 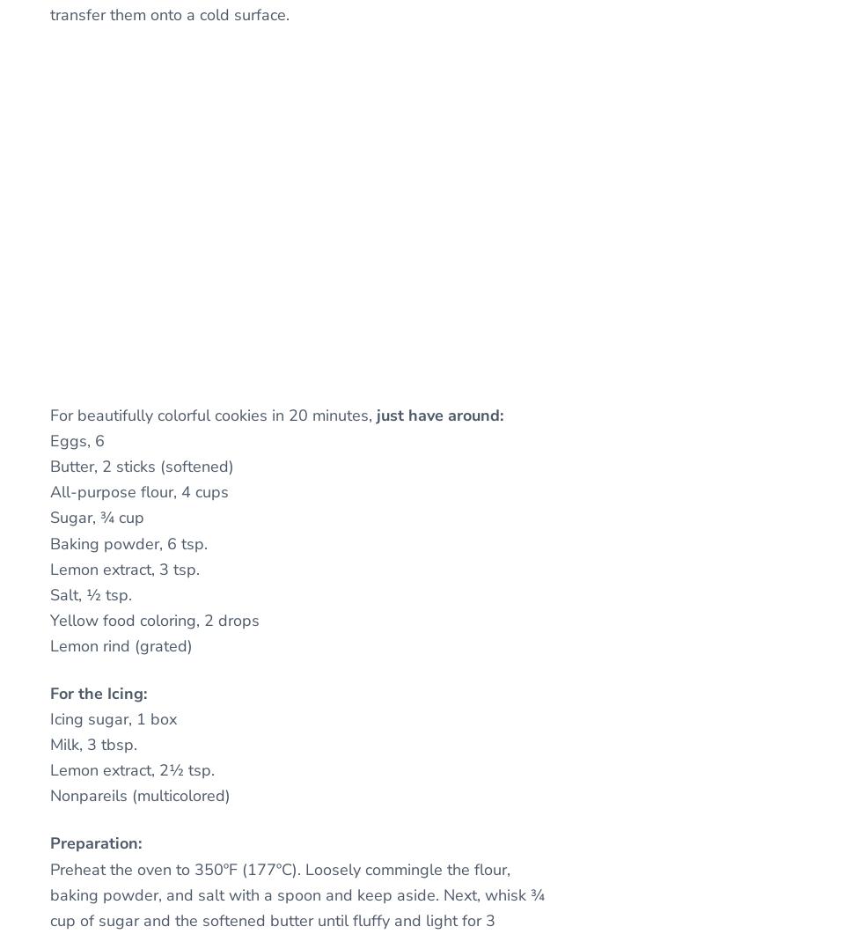 What do you see at coordinates (48, 794) in the screenshot?
I see `'Nonpareils (multicolored)'` at bounding box center [48, 794].